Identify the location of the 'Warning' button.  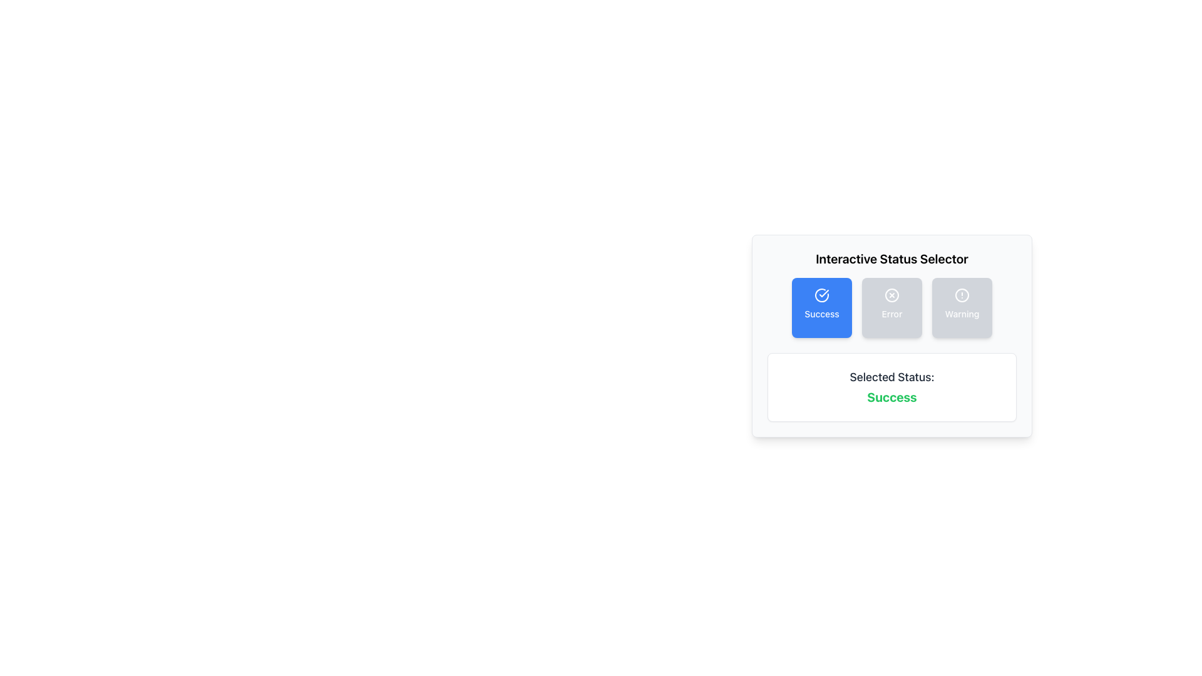
(961, 308).